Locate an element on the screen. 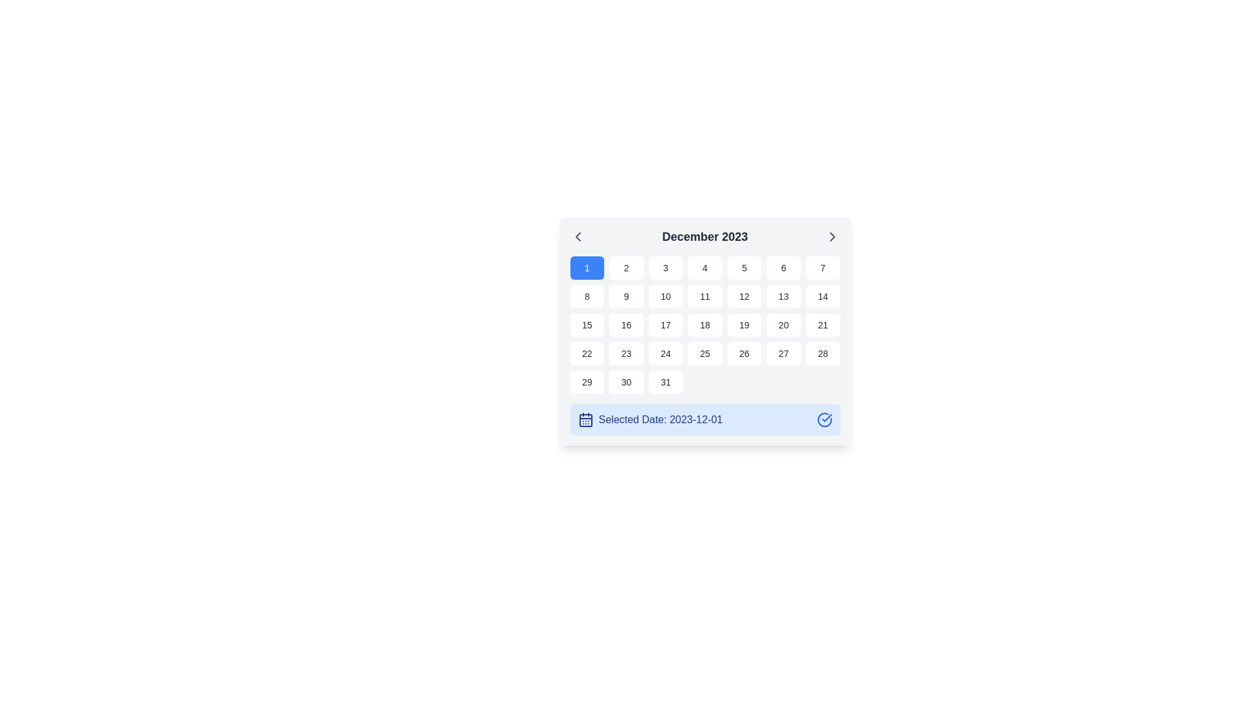 Image resolution: width=1246 pixels, height=701 pixels. the button displaying the number '9' in the calendar grid for December 2023 is located at coordinates (626, 296).